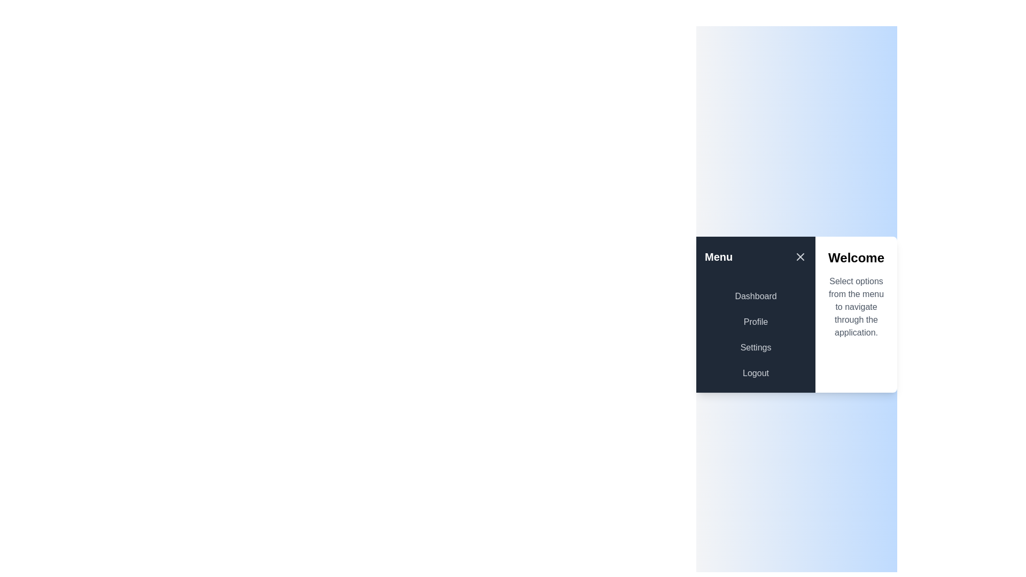  What do you see at coordinates (755, 348) in the screenshot?
I see `the menu option Settings` at bounding box center [755, 348].